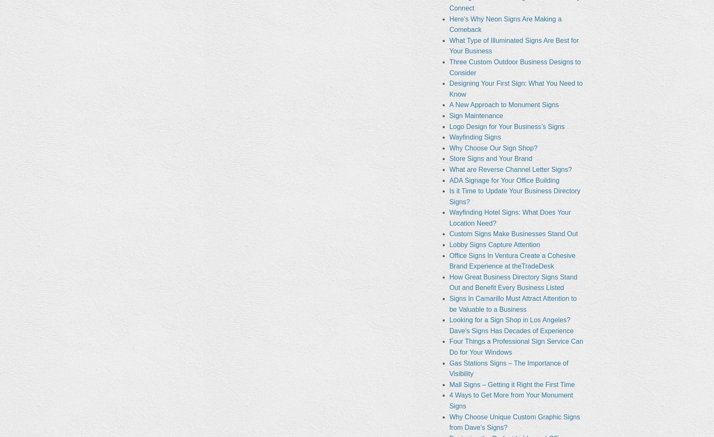  Describe the element at coordinates (508, 368) in the screenshot. I see `'Gas Stations Signs – The Importance of Visibility'` at that location.